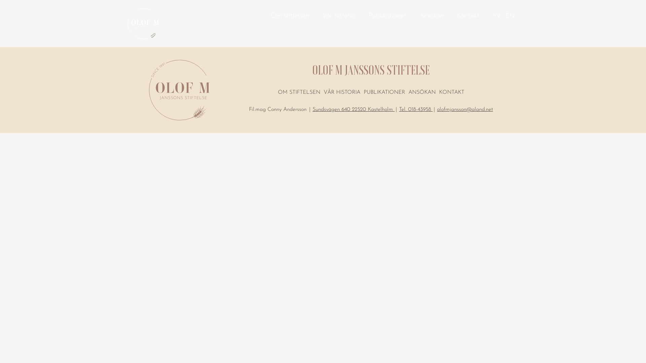 Image resolution: width=646 pixels, height=363 pixels. I want to click on 'olofmjansson@aland.net', so click(465, 112).